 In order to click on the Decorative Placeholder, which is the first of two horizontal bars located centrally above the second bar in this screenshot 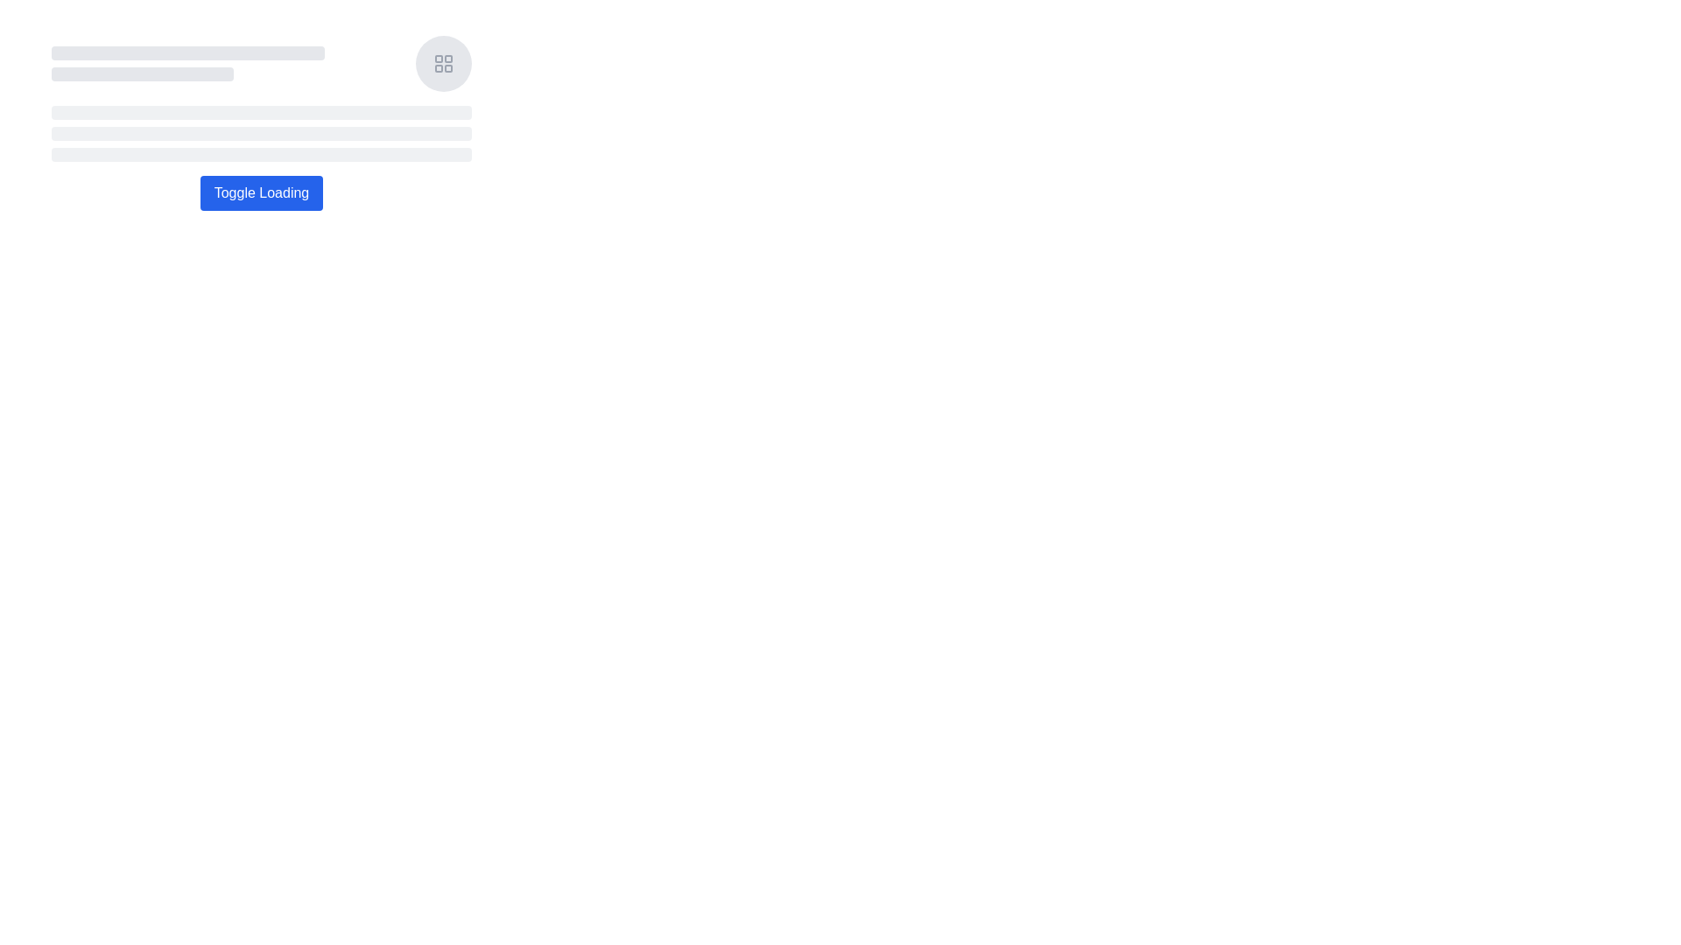, I will do `click(188, 52)`.